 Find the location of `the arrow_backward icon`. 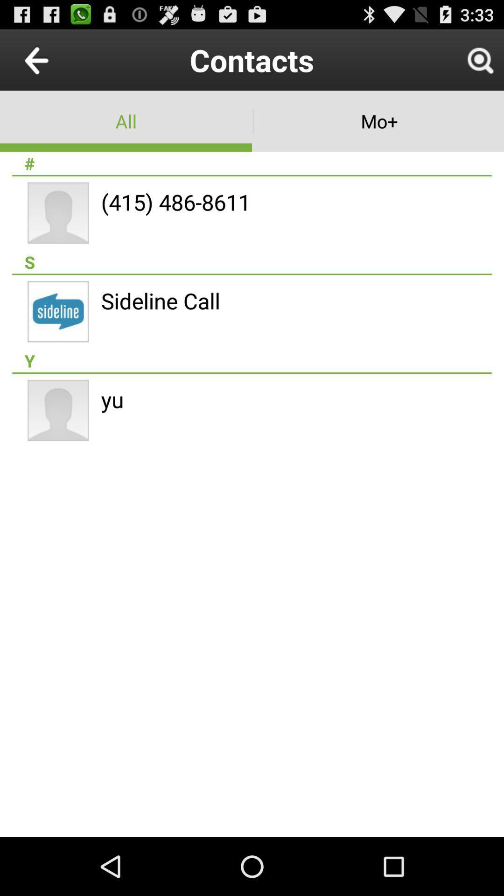

the arrow_backward icon is located at coordinates (58, 63).